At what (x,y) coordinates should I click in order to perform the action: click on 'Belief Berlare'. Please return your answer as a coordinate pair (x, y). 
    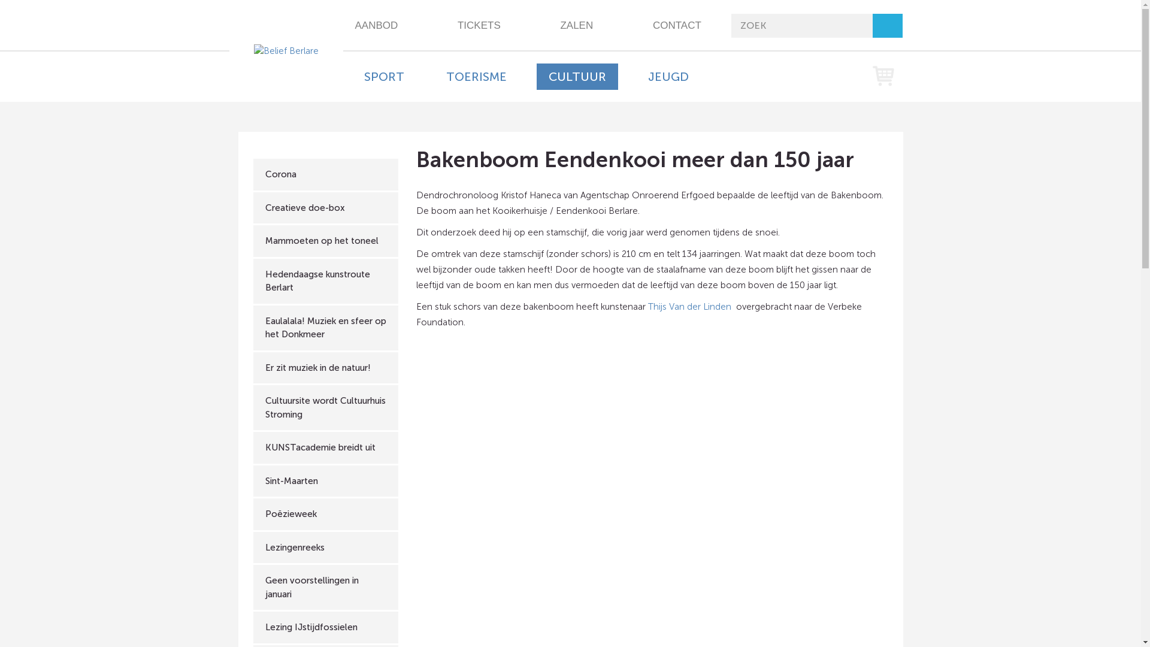
    Looking at the image, I should click on (286, 50).